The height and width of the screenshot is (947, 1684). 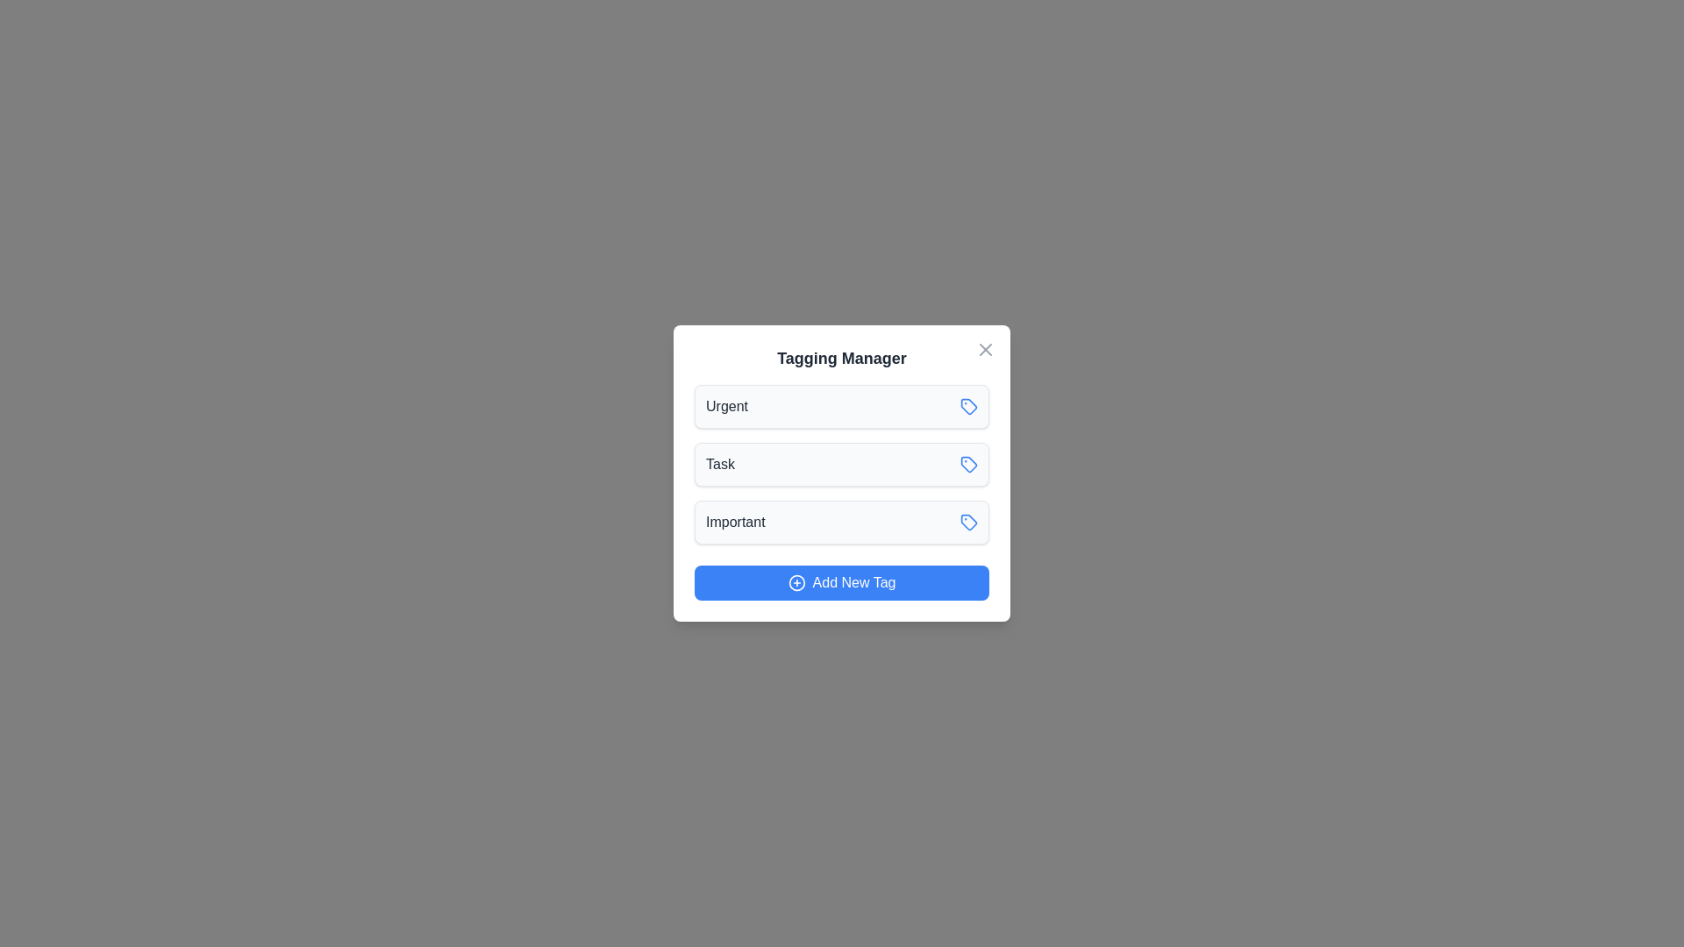 I want to click on the close button located at the top-right corner of the dialog, so click(x=985, y=349).